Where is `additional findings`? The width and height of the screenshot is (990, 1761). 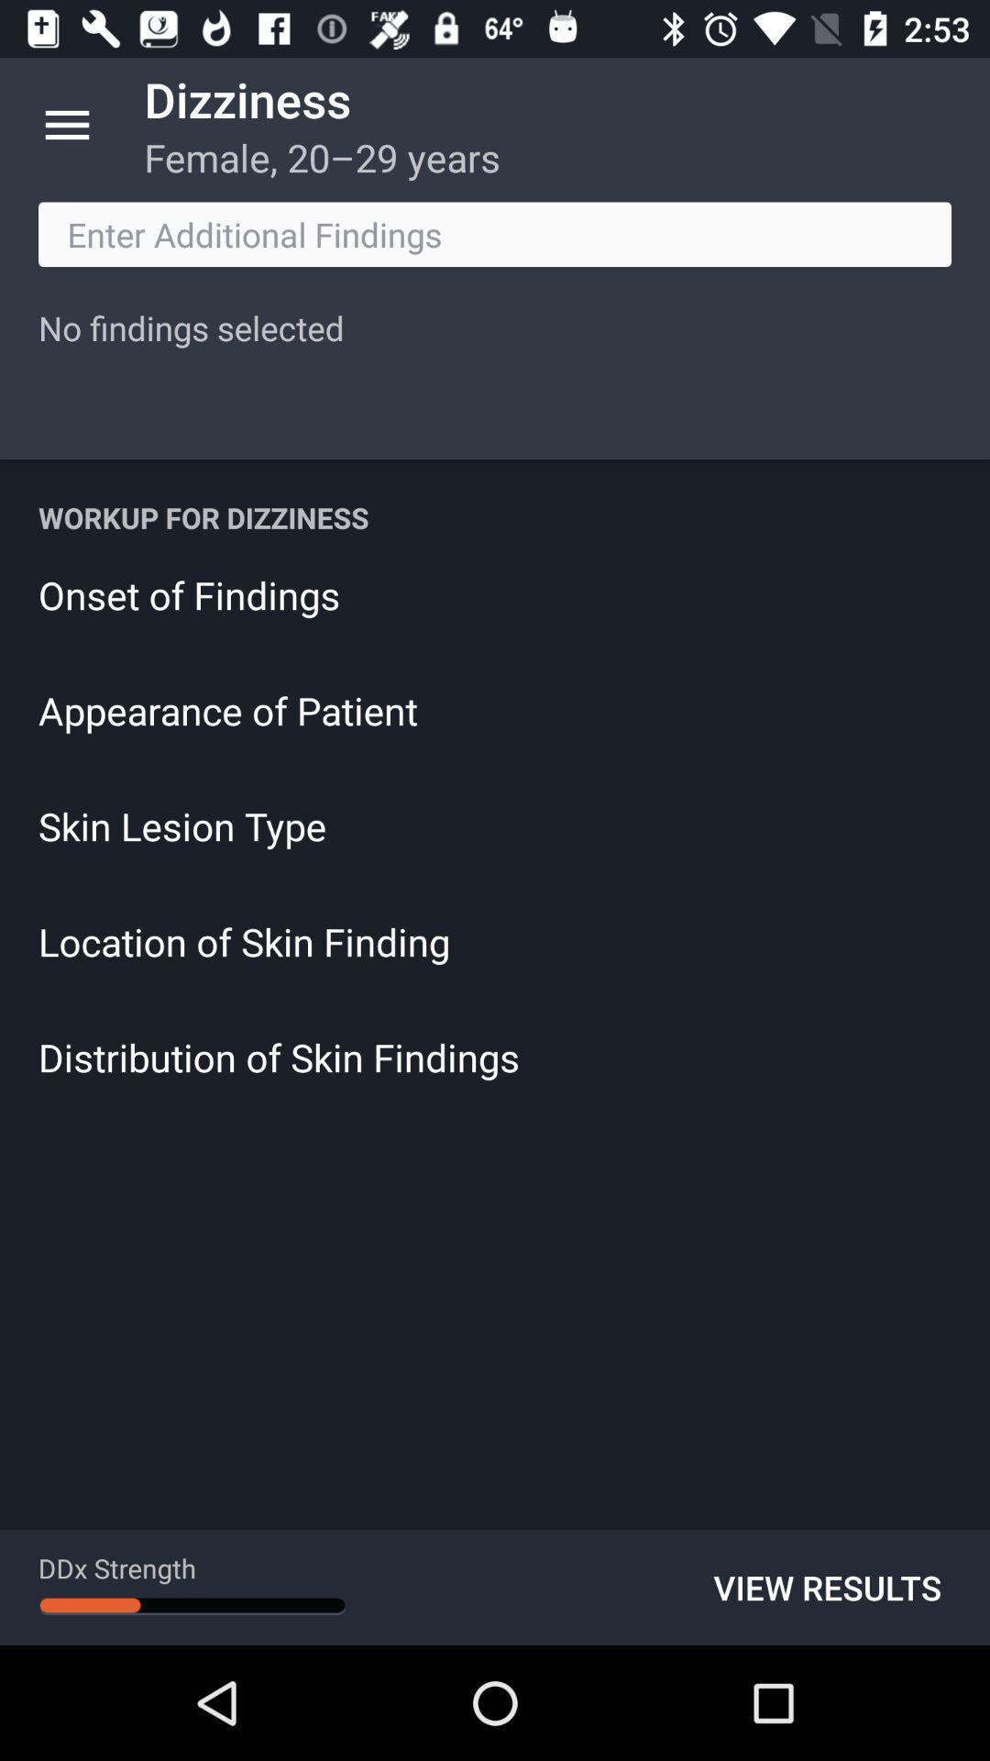 additional findings is located at coordinates (495, 233).